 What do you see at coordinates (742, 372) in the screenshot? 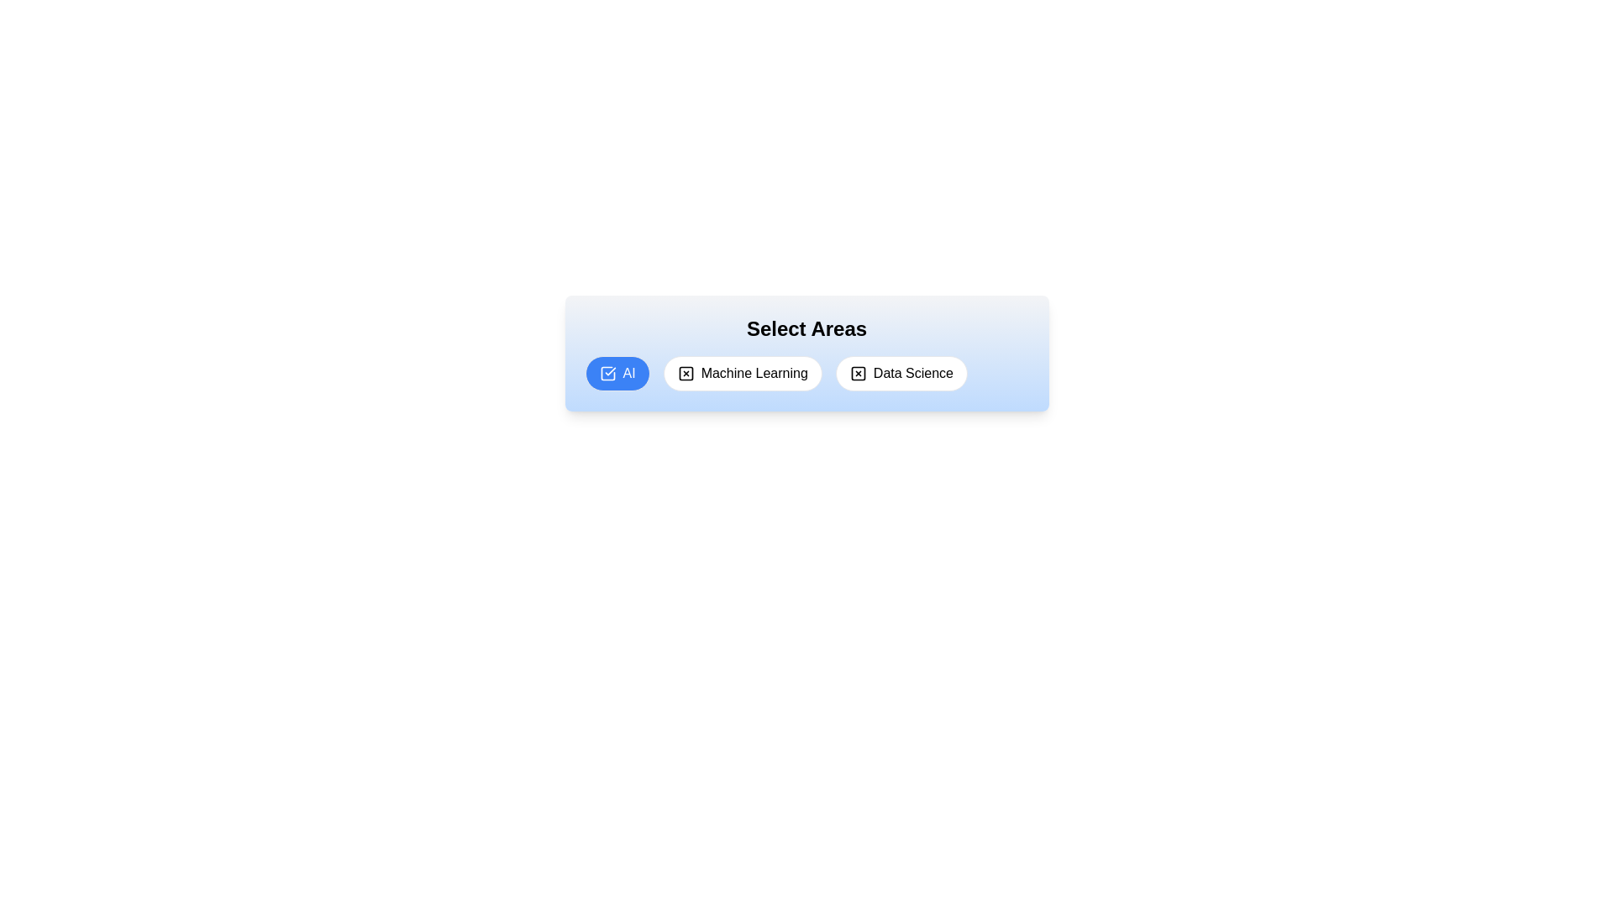
I see `the tag Machine Learning to observe its hover effect` at bounding box center [742, 372].